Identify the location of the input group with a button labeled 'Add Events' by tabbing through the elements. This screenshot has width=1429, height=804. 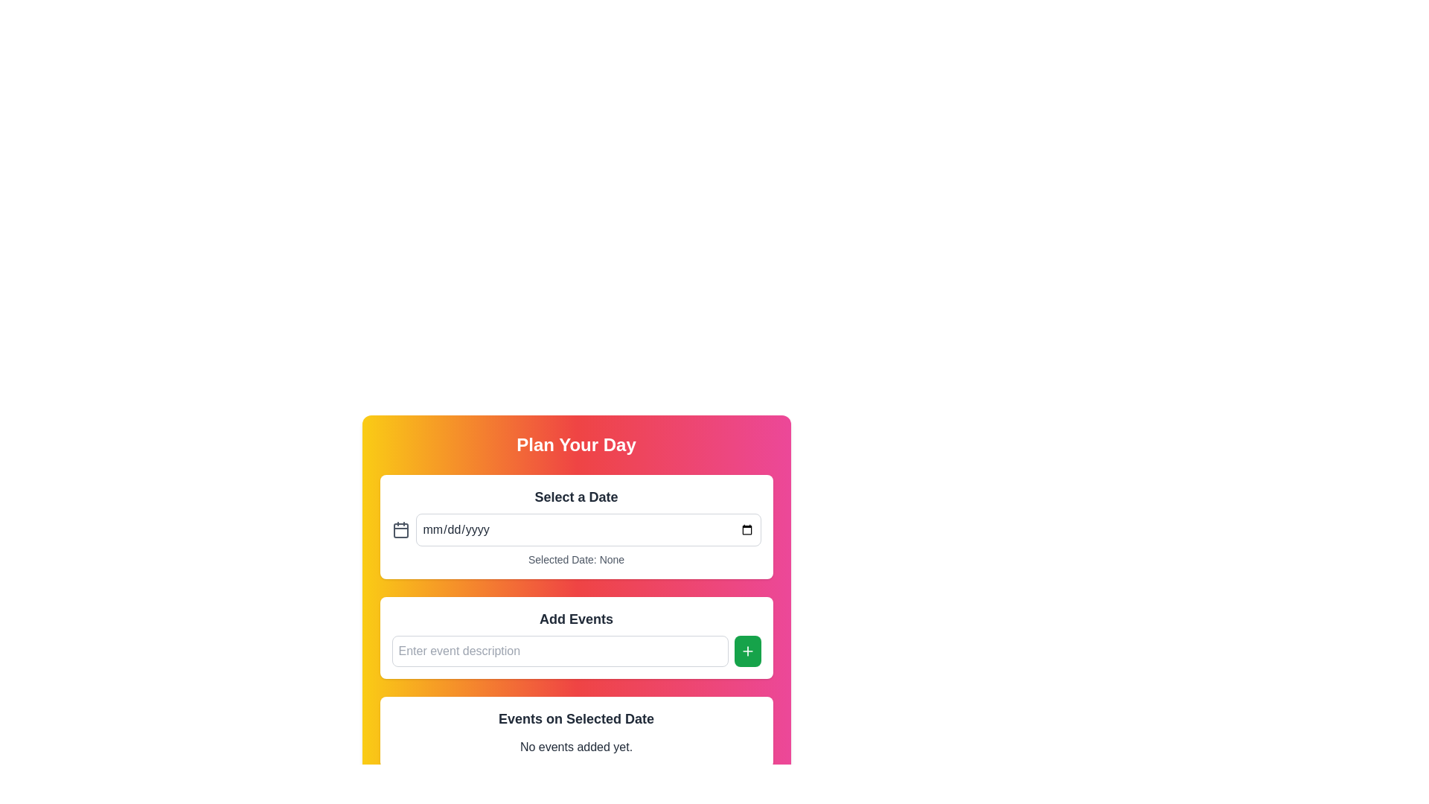
(575, 636).